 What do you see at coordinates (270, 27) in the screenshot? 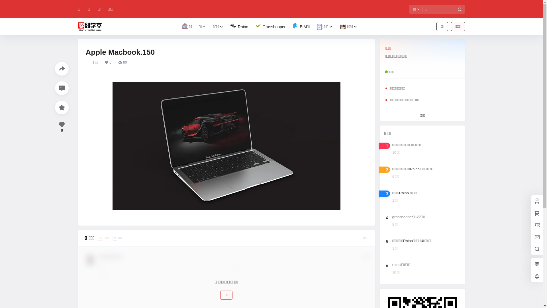
I see `'Grasshopper'` at bounding box center [270, 27].